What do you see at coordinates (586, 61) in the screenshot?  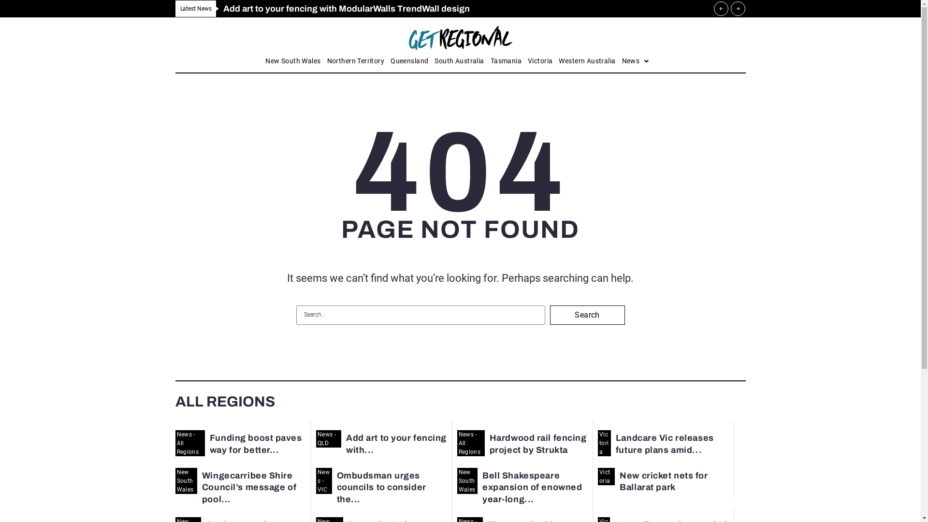 I see `'Western Australia'` at bounding box center [586, 61].